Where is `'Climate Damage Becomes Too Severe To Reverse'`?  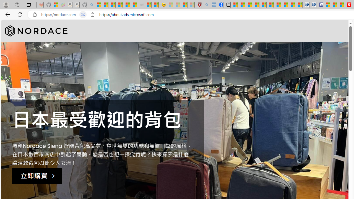 'Climate Damage Becomes Too Severe To Reverse' is located at coordinates (255, 5).